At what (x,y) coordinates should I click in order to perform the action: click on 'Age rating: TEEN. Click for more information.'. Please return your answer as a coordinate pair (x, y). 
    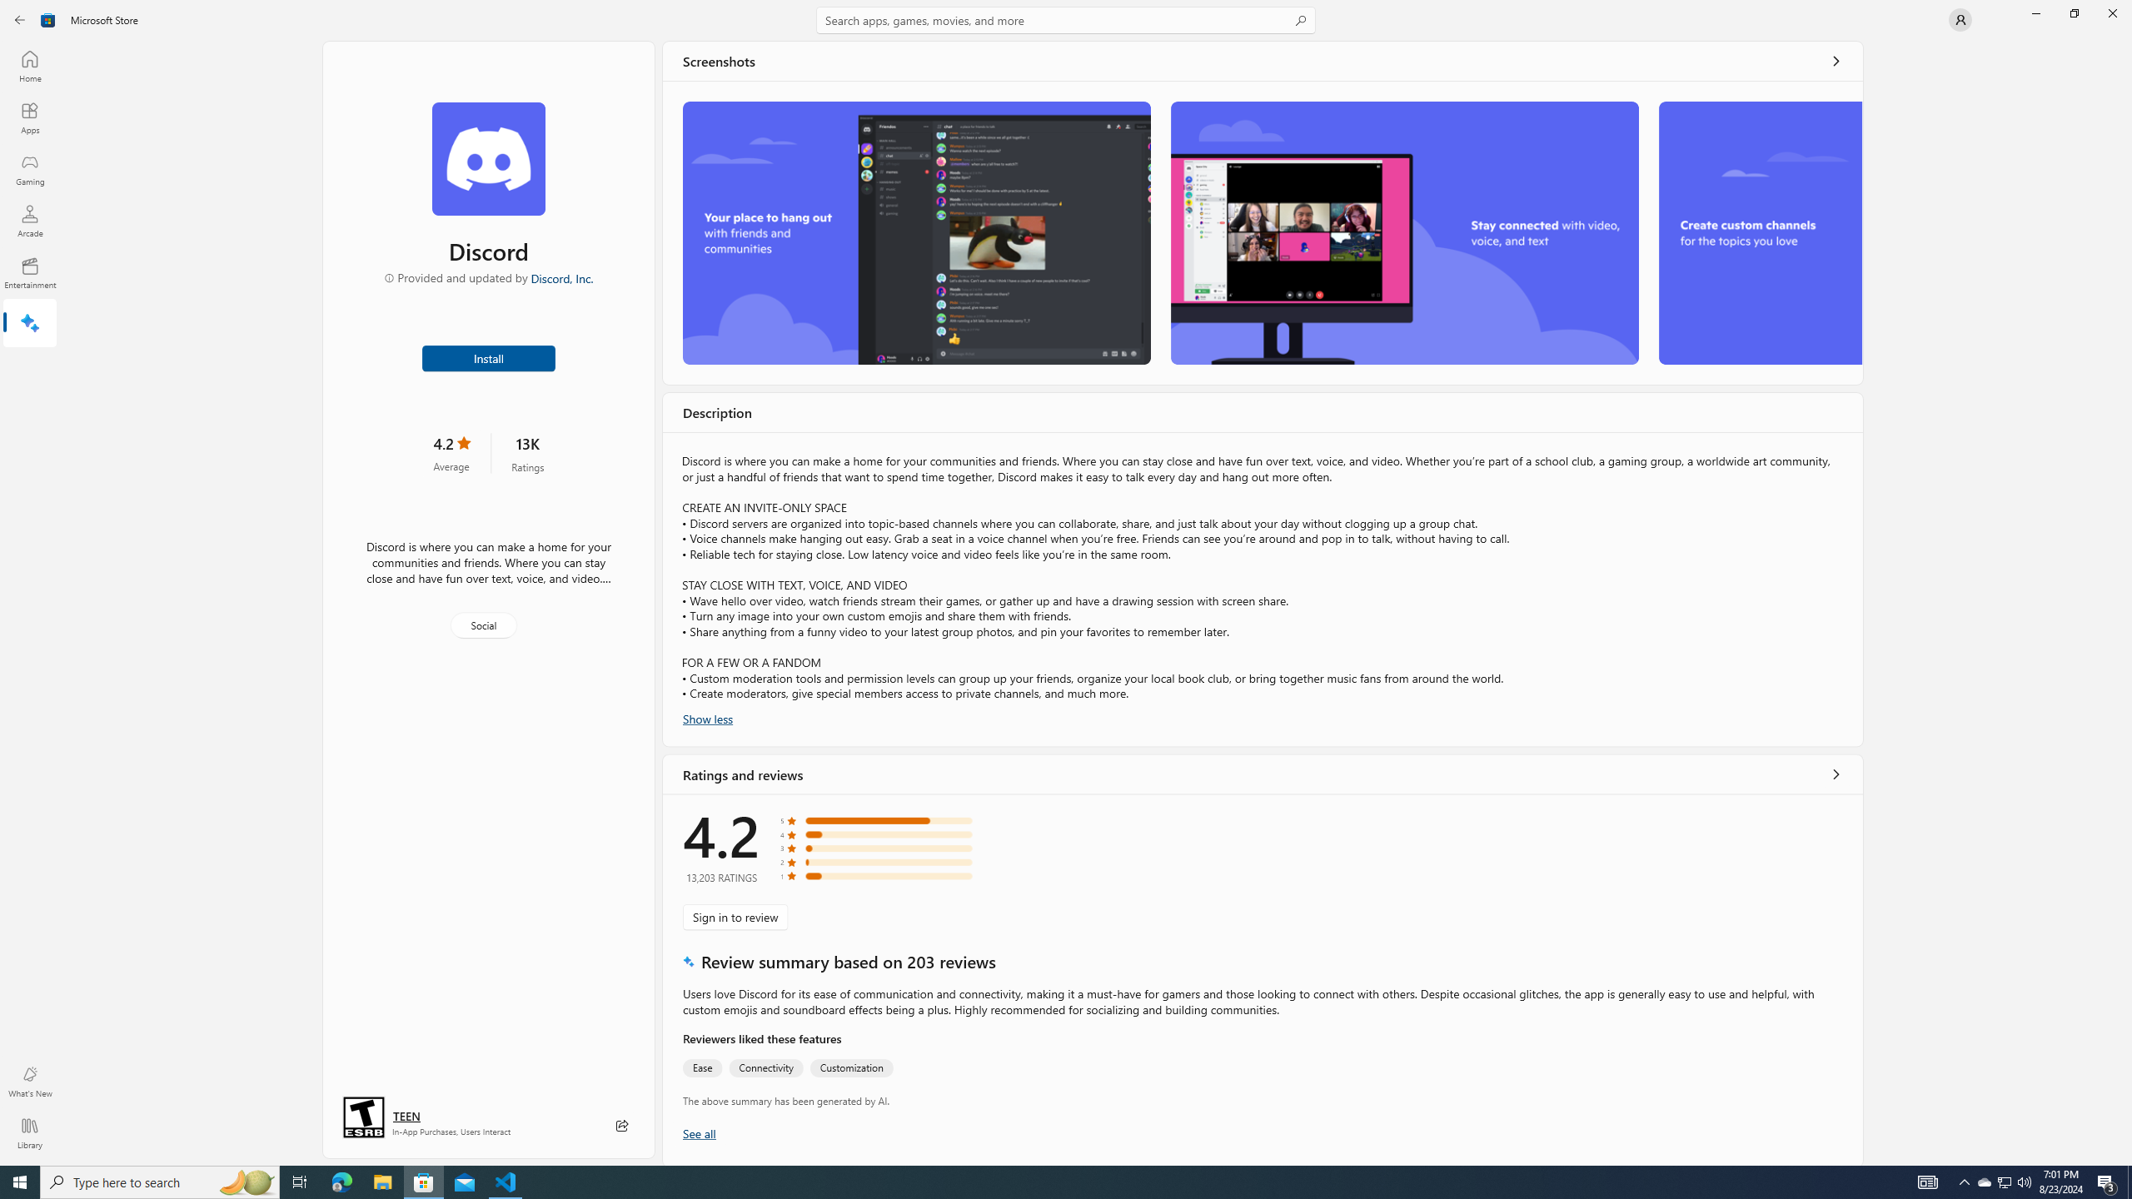
    Looking at the image, I should click on (405, 1116).